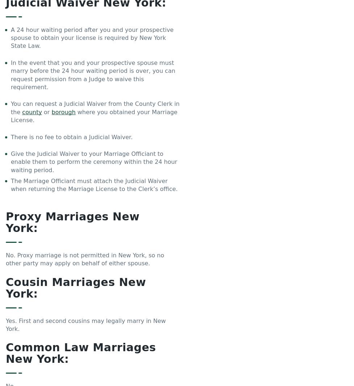 The width and height of the screenshot is (354, 386). I want to click on 'There is no fee to obtain a Judicial Waiver.', so click(72, 136).